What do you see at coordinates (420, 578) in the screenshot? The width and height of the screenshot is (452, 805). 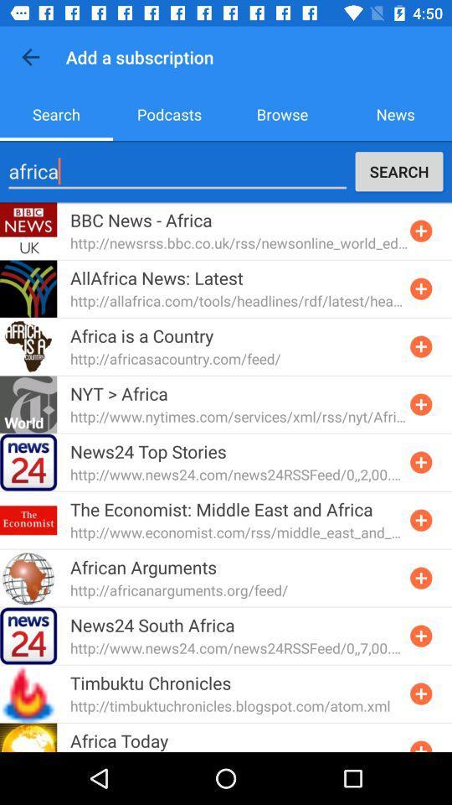 I see `subscribe to african arguments` at bounding box center [420, 578].